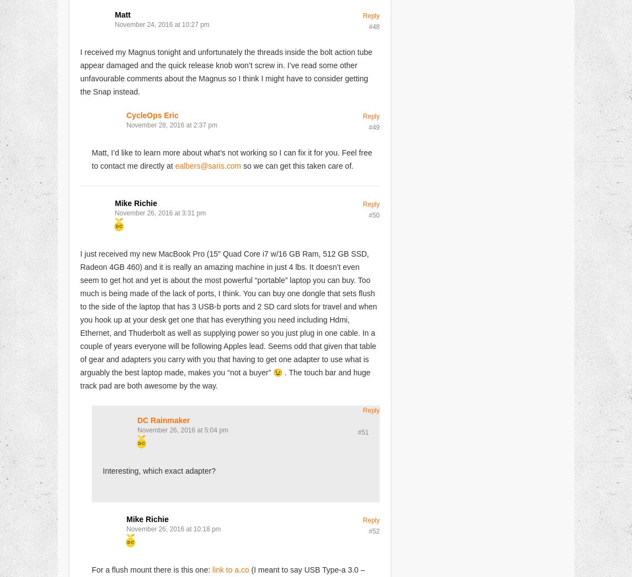 The image size is (632, 577). What do you see at coordinates (367, 25) in the screenshot?
I see `'#48'` at bounding box center [367, 25].